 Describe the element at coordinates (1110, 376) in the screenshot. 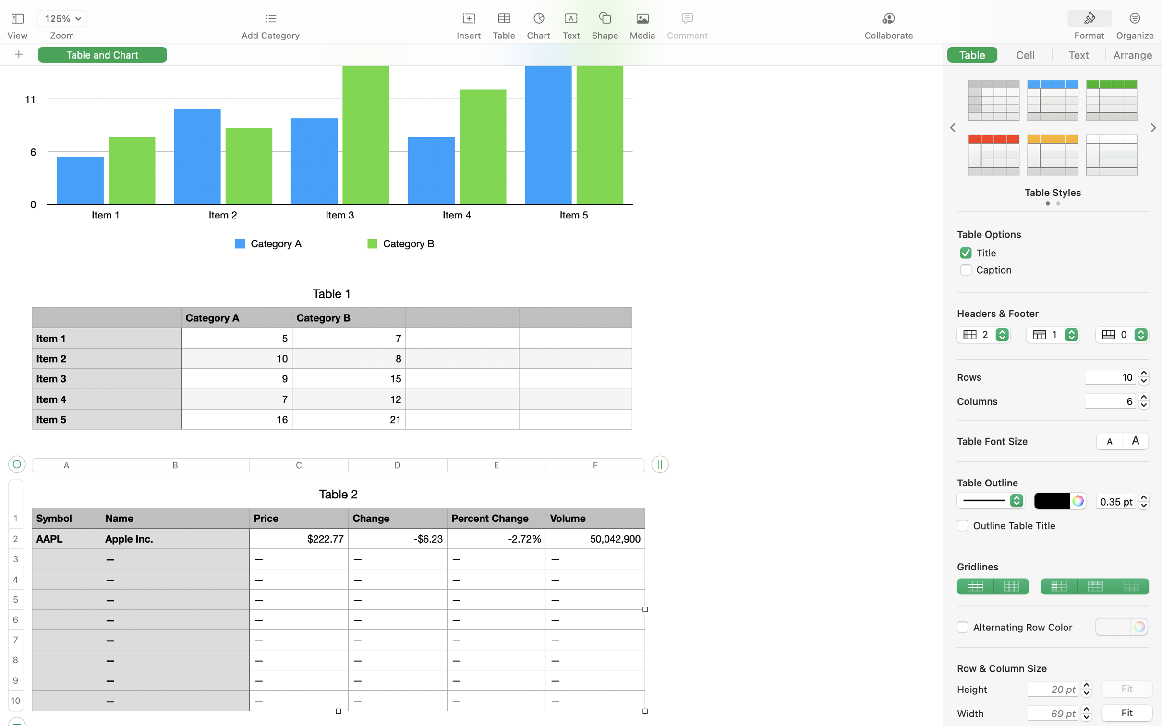

I see `'10'` at that location.